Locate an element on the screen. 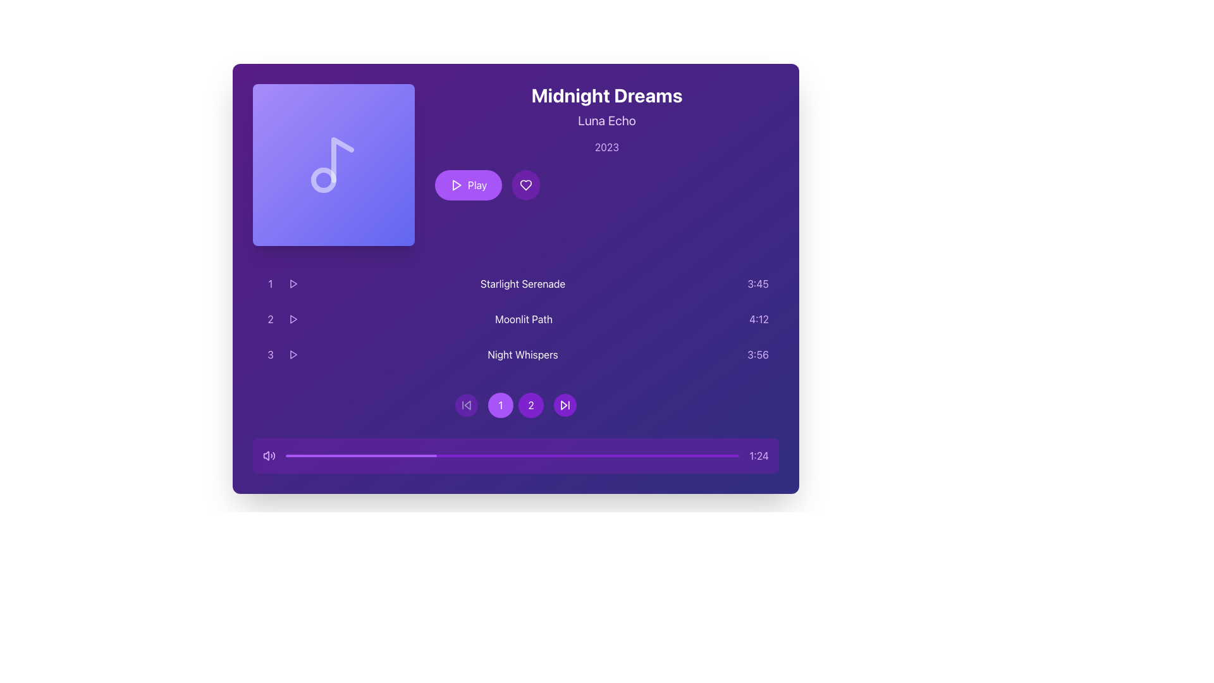 Image resolution: width=1214 pixels, height=683 pixels. the pagination control numbers '1' and '2' located centrally in the bottom navigation bar of the interface is located at coordinates (516, 405).